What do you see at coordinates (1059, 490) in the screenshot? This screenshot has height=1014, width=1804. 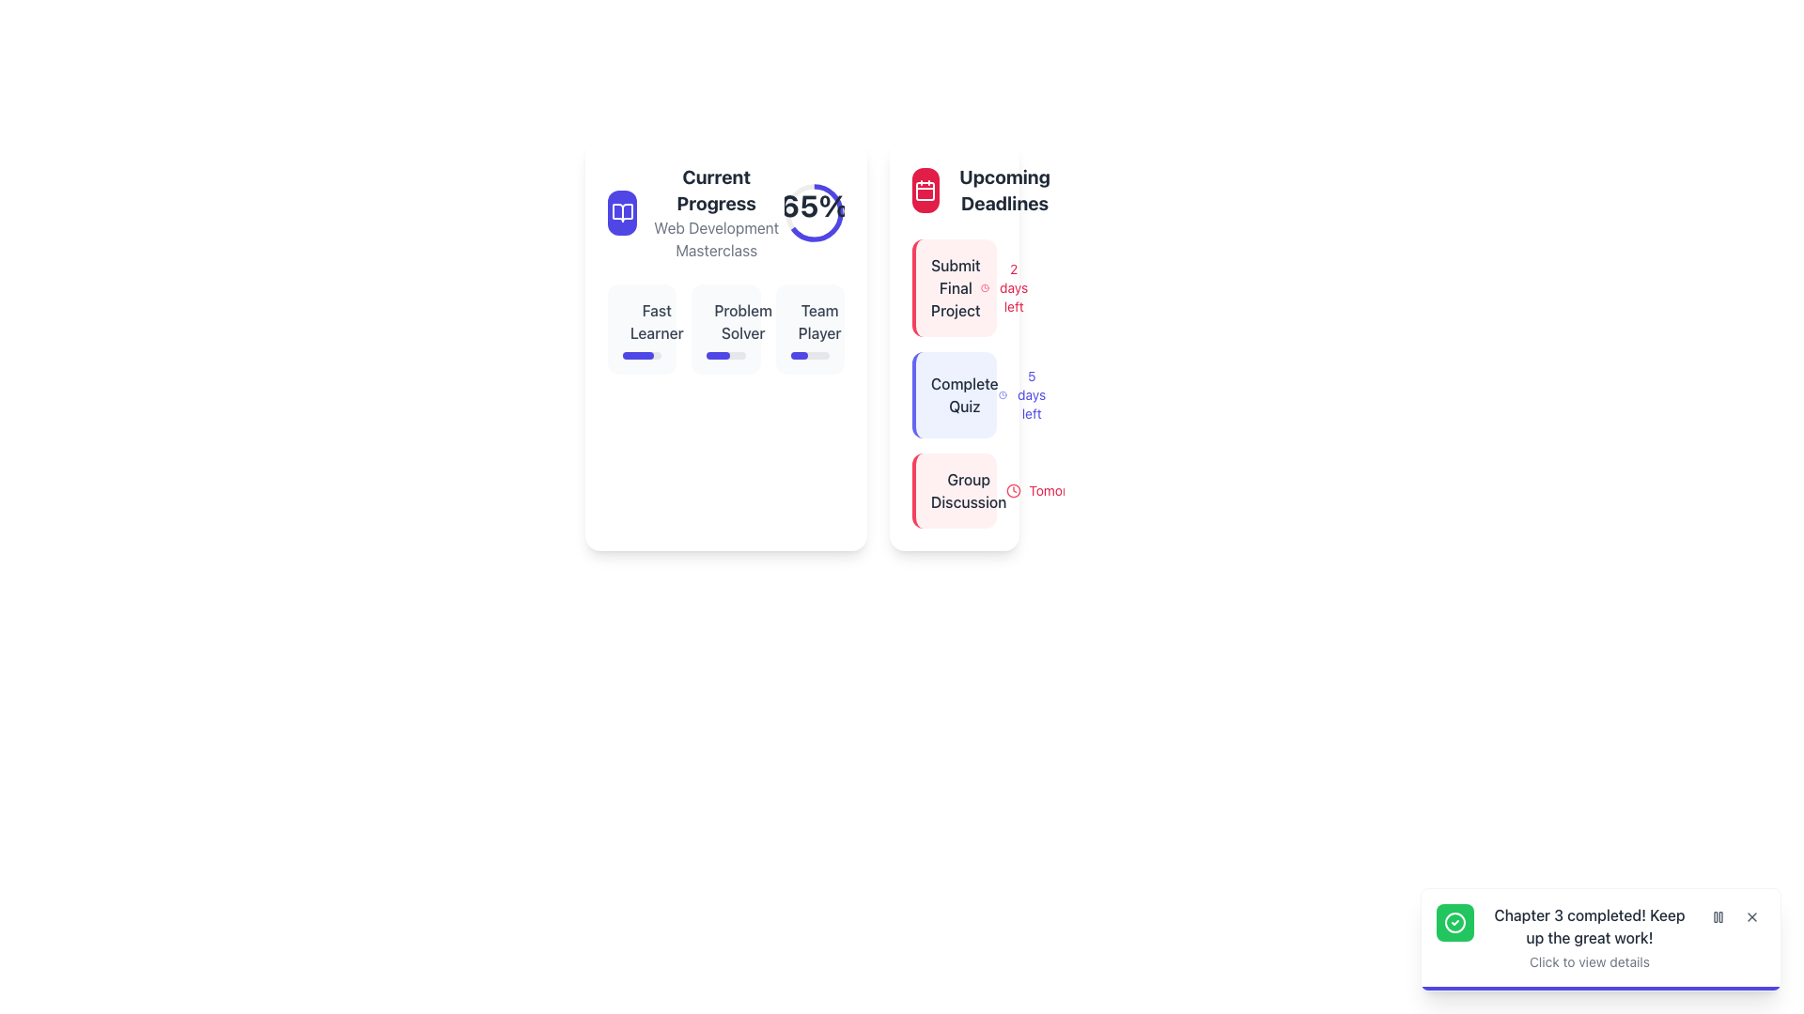 I see `the 'Tomorrow' text label, which is styled in small, red font and is located within the 'Upcoming Deadlines' card, next to the clock icon` at bounding box center [1059, 490].